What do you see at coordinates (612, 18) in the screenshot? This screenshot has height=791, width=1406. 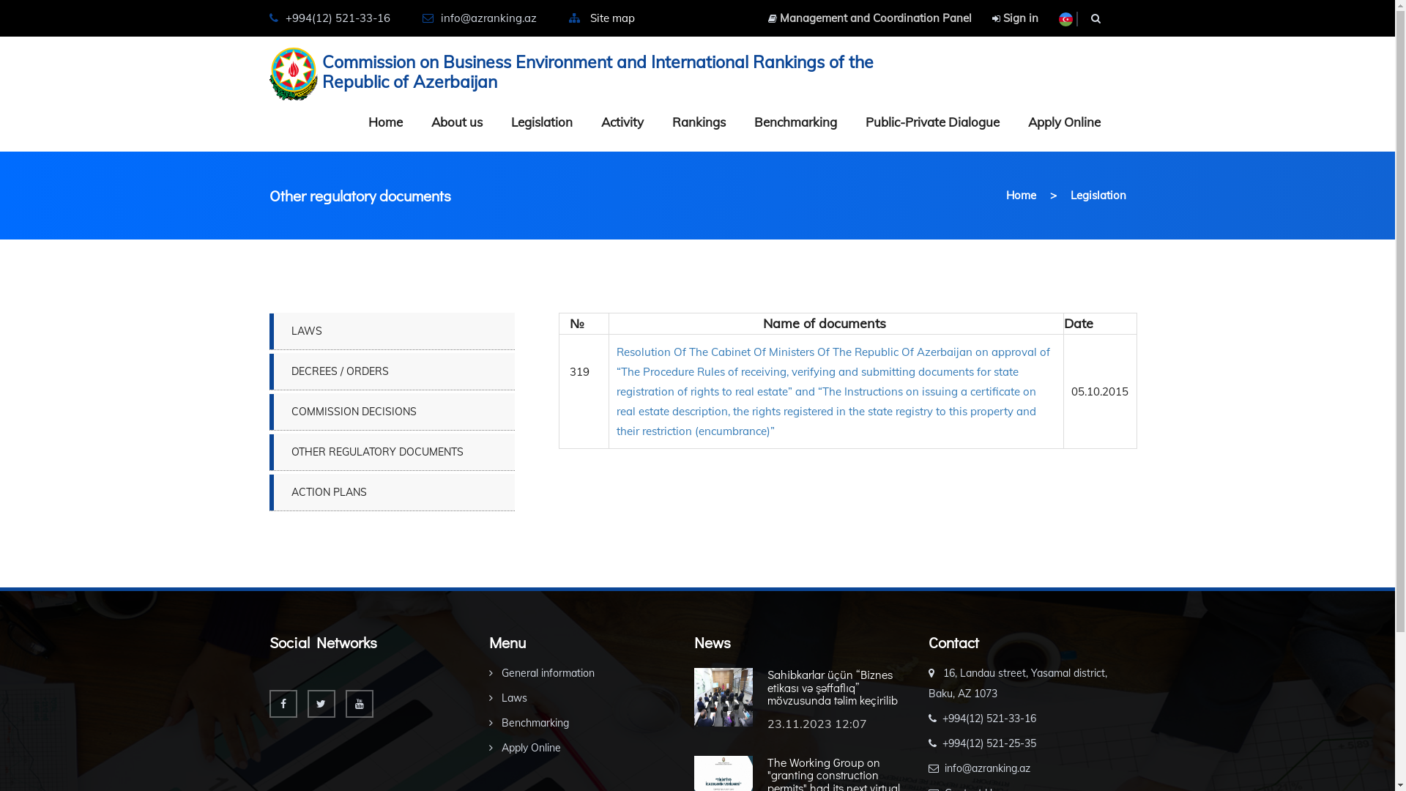 I see `'Site map'` at bounding box center [612, 18].